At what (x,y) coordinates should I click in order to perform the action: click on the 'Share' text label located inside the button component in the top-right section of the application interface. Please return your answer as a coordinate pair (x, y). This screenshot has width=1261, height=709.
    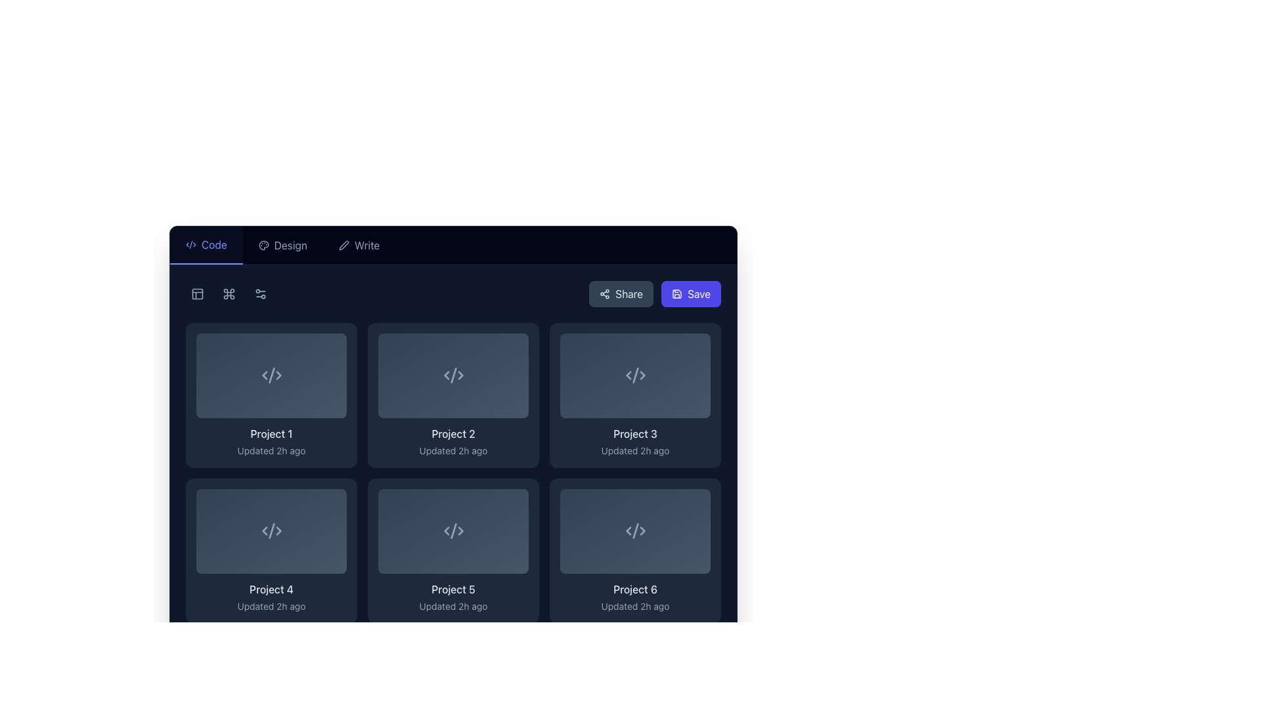
    Looking at the image, I should click on (629, 293).